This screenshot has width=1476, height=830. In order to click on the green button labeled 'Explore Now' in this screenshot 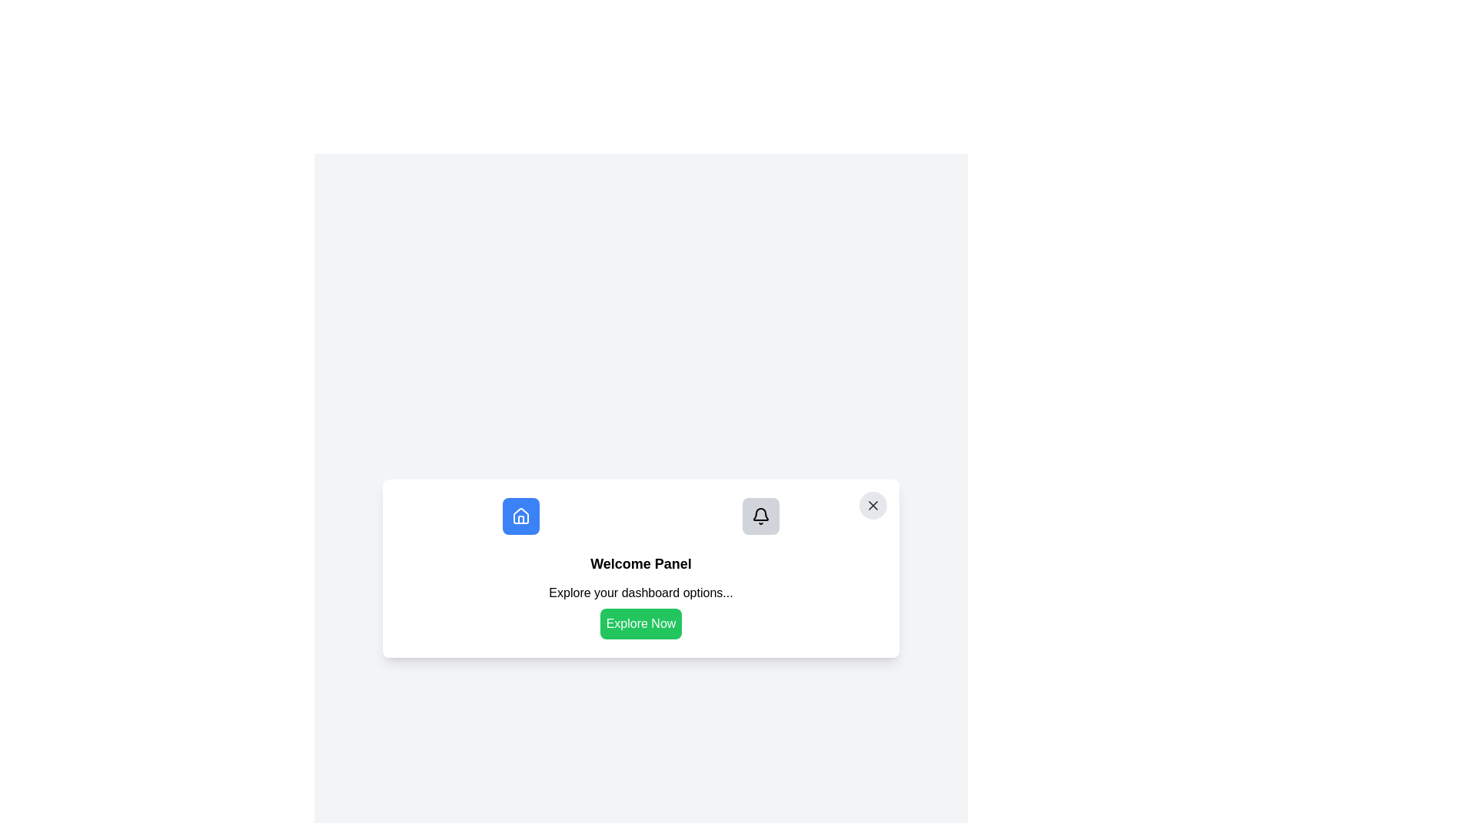, I will do `click(641, 610)`.